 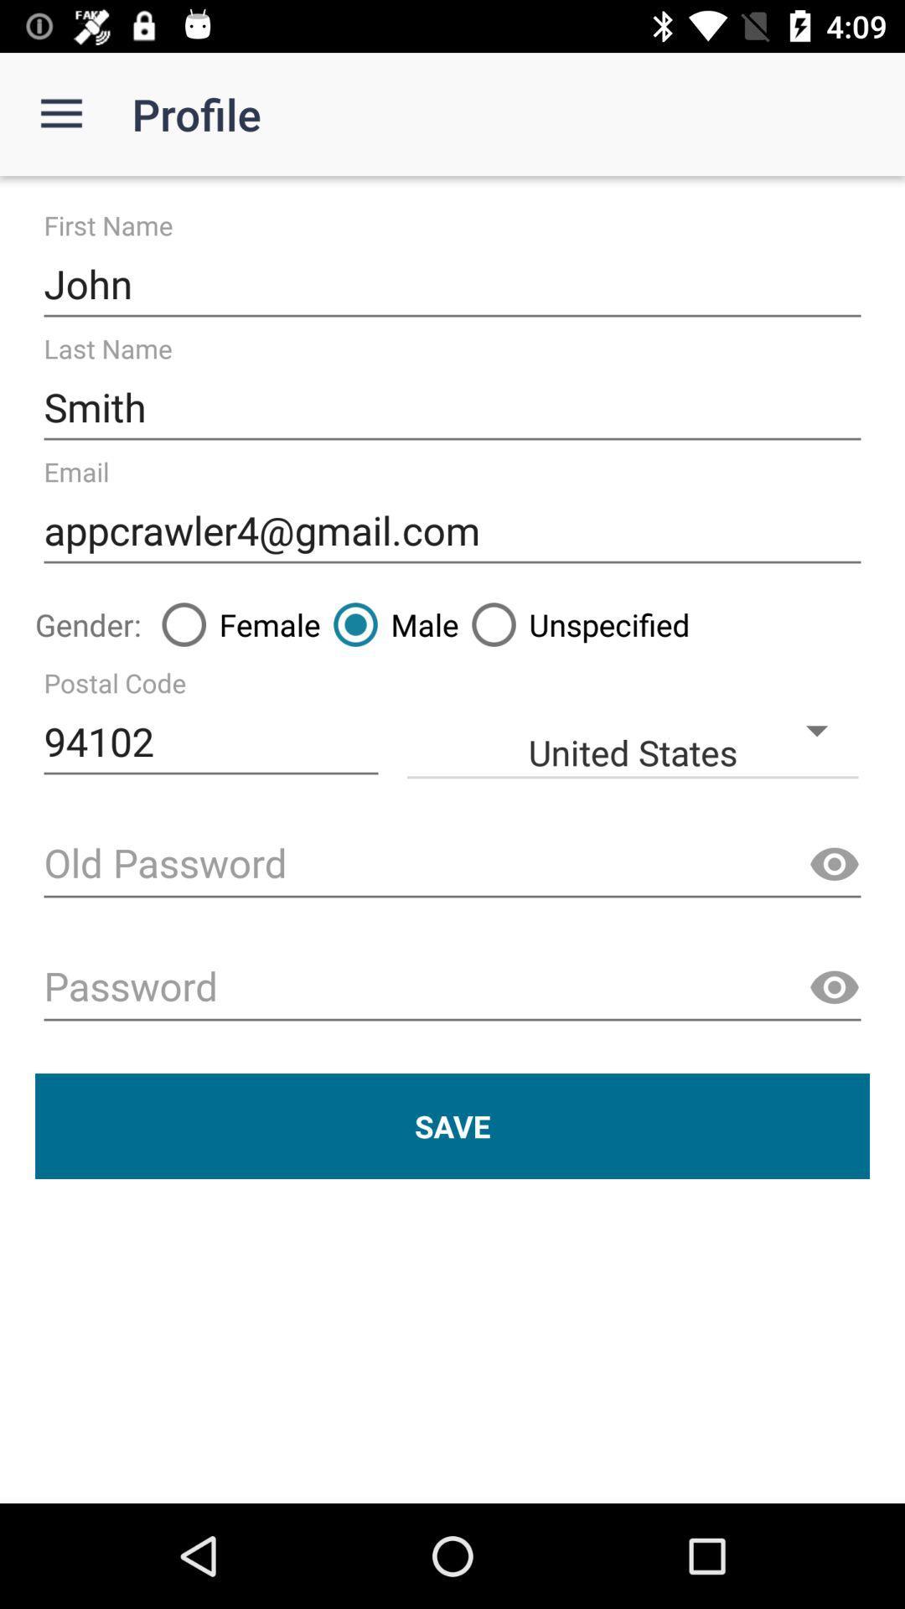 What do you see at coordinates (390, 623) in the screenshot?
I see `male item` at bounding box center [390, 623].